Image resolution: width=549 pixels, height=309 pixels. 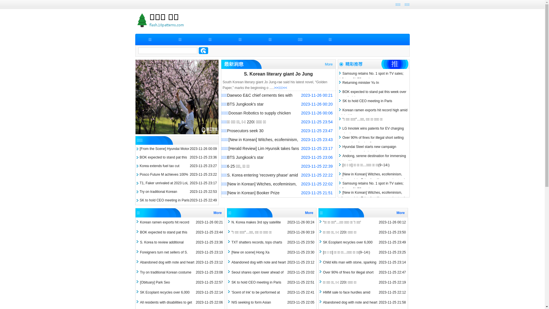 What do you see at coordinates (372, 76) in the screenshot?
I see `'Samsung retains No. 1 spot in TV sales; LG tops OLED market'` at bounding box center [372, 76].